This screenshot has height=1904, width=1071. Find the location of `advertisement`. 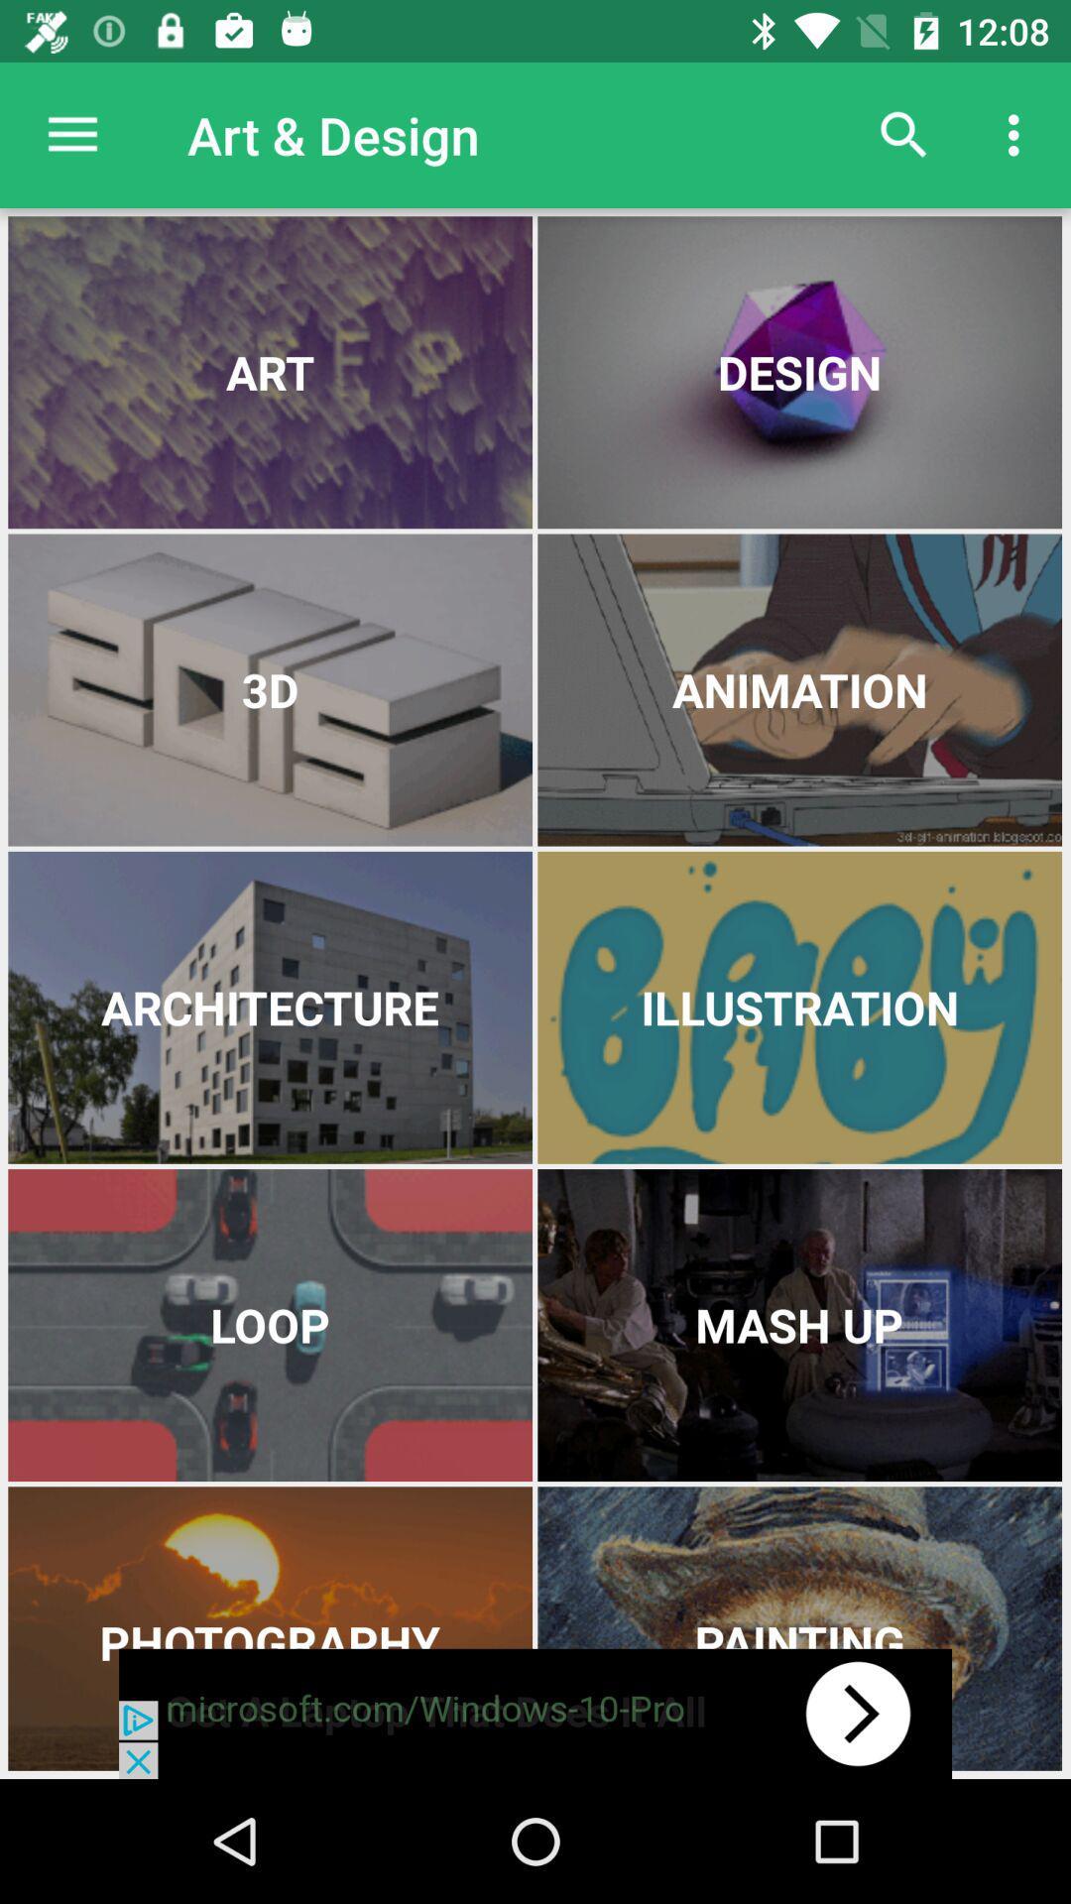

advertisement is located at coordinates (535, 1713).